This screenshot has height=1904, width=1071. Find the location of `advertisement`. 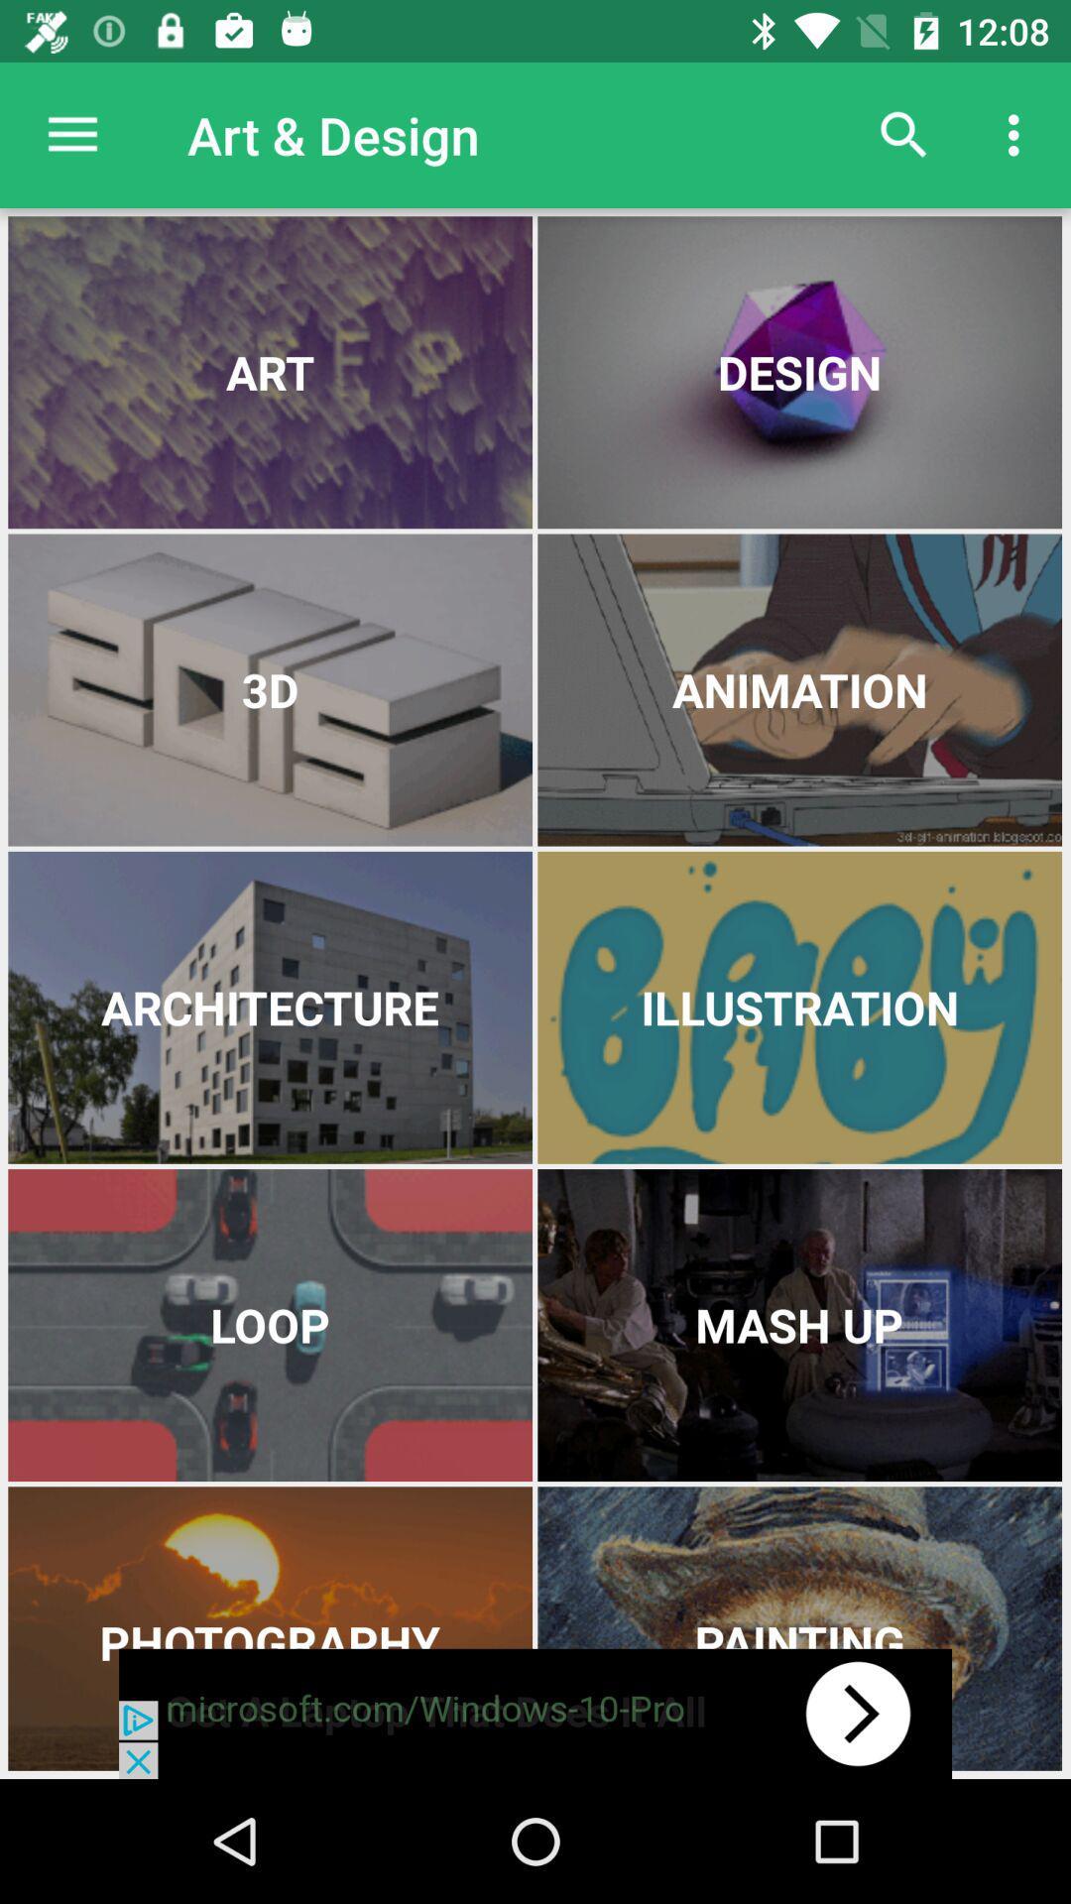

advertisement is located at coordinates (535, 1713).